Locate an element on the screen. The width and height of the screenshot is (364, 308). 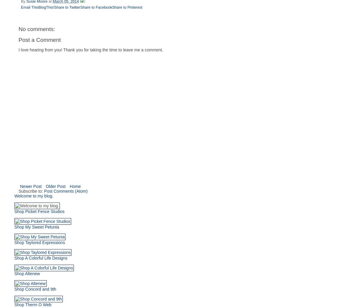
'Share to Facebook' is located at coordinates (96, 7).